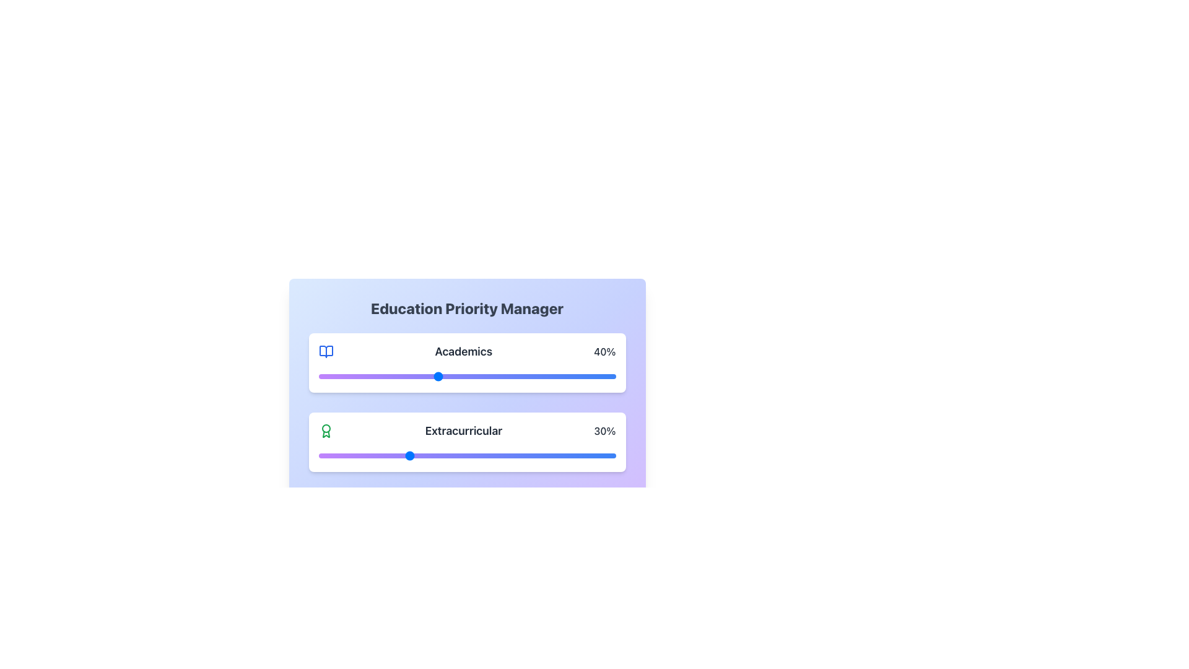 The width and height of the screenshot is (1189, 669). I want to click on the slider value, so click(552, 376).